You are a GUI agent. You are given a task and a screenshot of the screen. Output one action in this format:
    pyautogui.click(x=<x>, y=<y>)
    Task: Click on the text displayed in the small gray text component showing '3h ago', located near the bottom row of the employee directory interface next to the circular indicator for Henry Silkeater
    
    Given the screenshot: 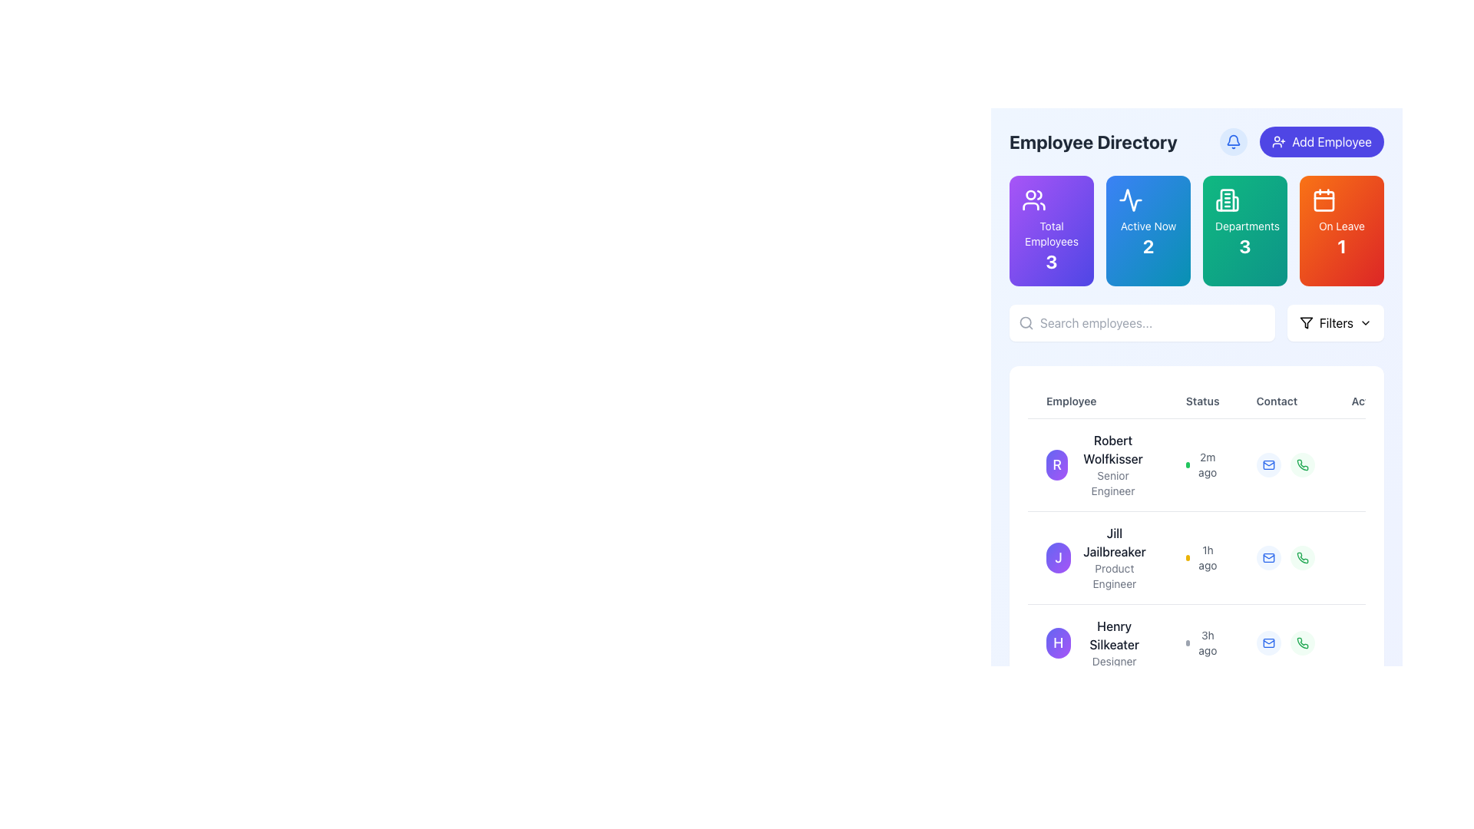 What is the action you would take?
    pyautogui.click(x=1207, y=642)
    